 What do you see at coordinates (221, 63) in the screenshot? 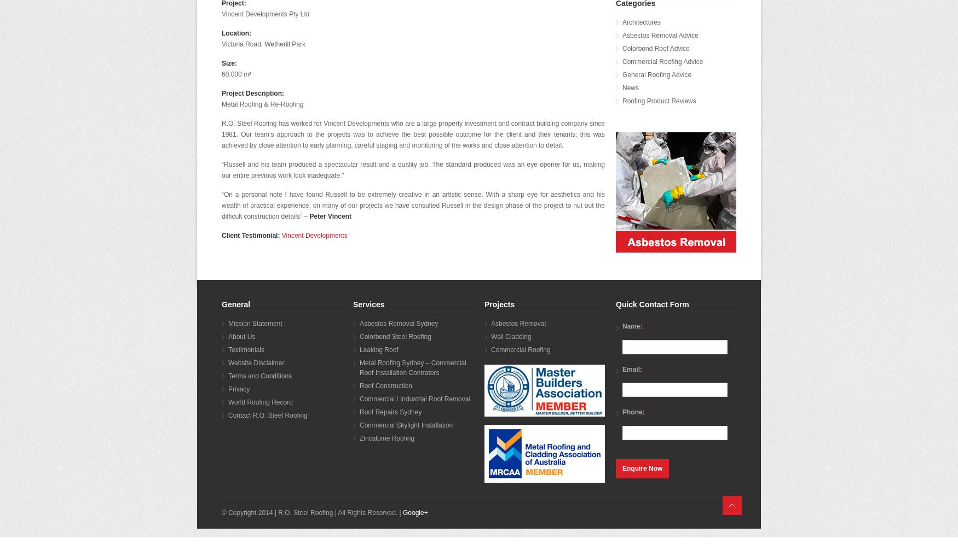
I see `'Size:'` at bounding box center [221, 63].